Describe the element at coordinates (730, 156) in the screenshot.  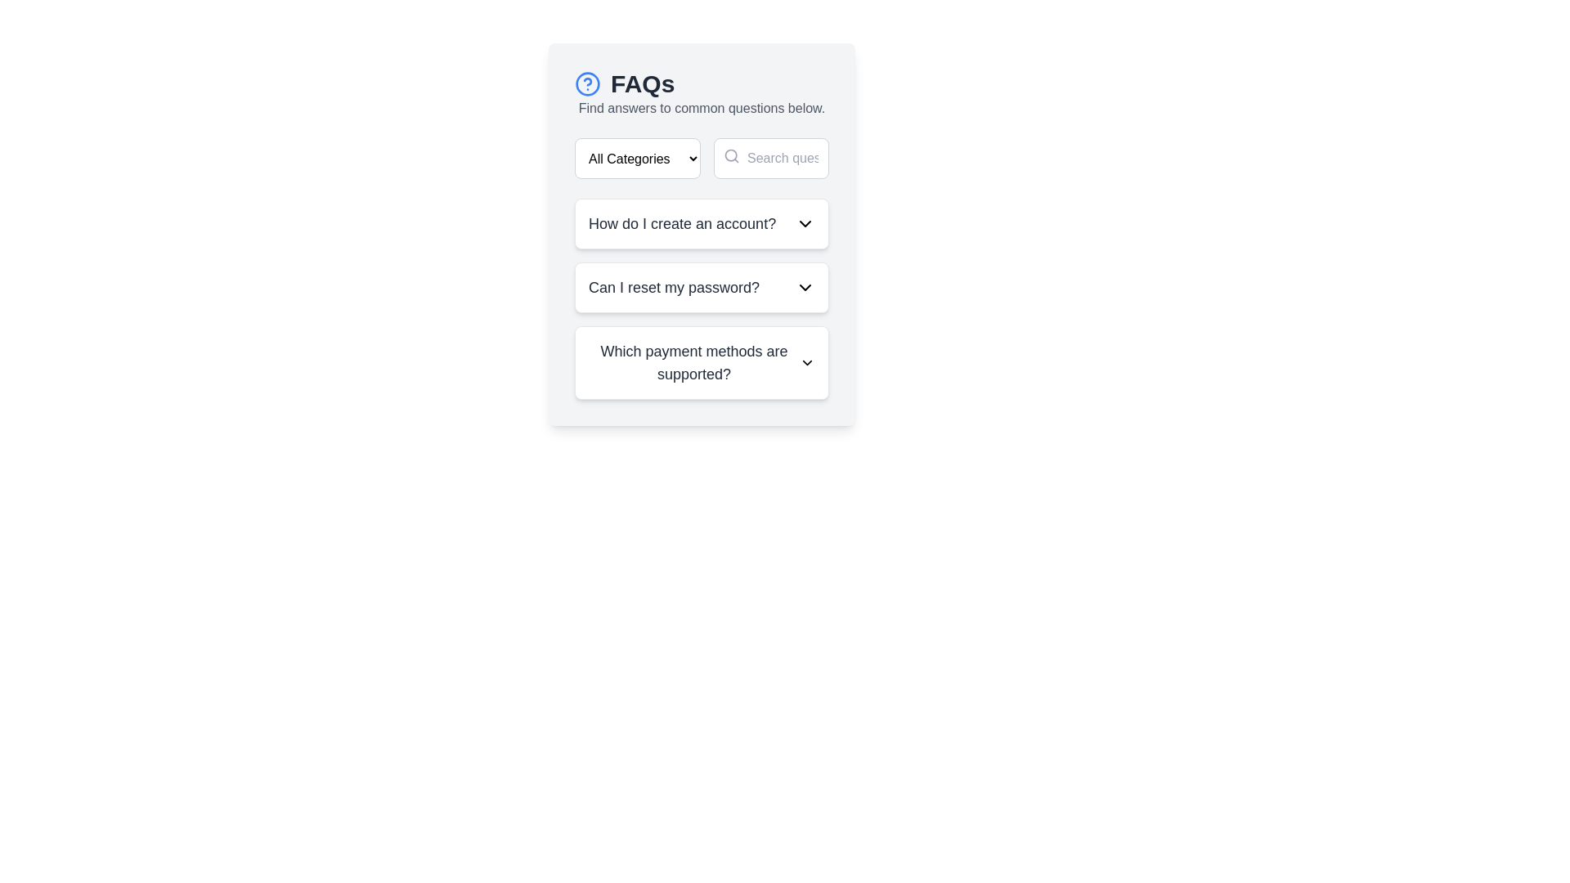
I see `the magnifying glass icon representing search functionality, which is located in the upper-right corner of the FAQ search bar section, directly to the left of the text entry field` at that location.